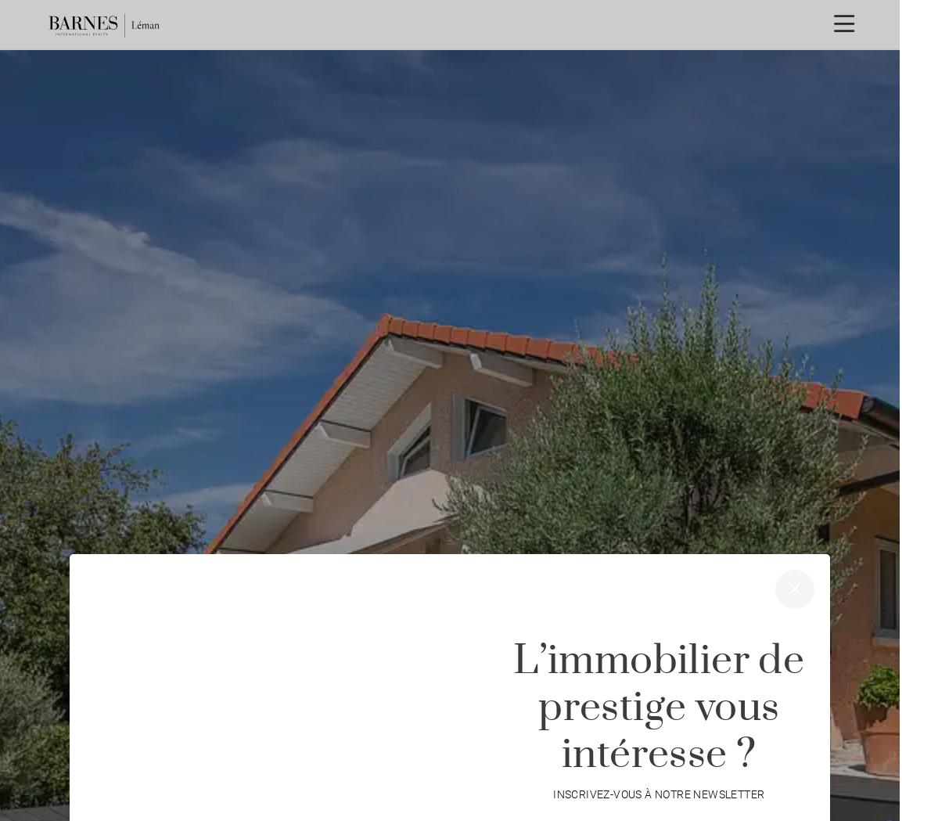 The height and width of the screenshot is (821, 931). Describe the element at coordinates (372, 747) in the screenshot. I see `'Localisation'` at that location.